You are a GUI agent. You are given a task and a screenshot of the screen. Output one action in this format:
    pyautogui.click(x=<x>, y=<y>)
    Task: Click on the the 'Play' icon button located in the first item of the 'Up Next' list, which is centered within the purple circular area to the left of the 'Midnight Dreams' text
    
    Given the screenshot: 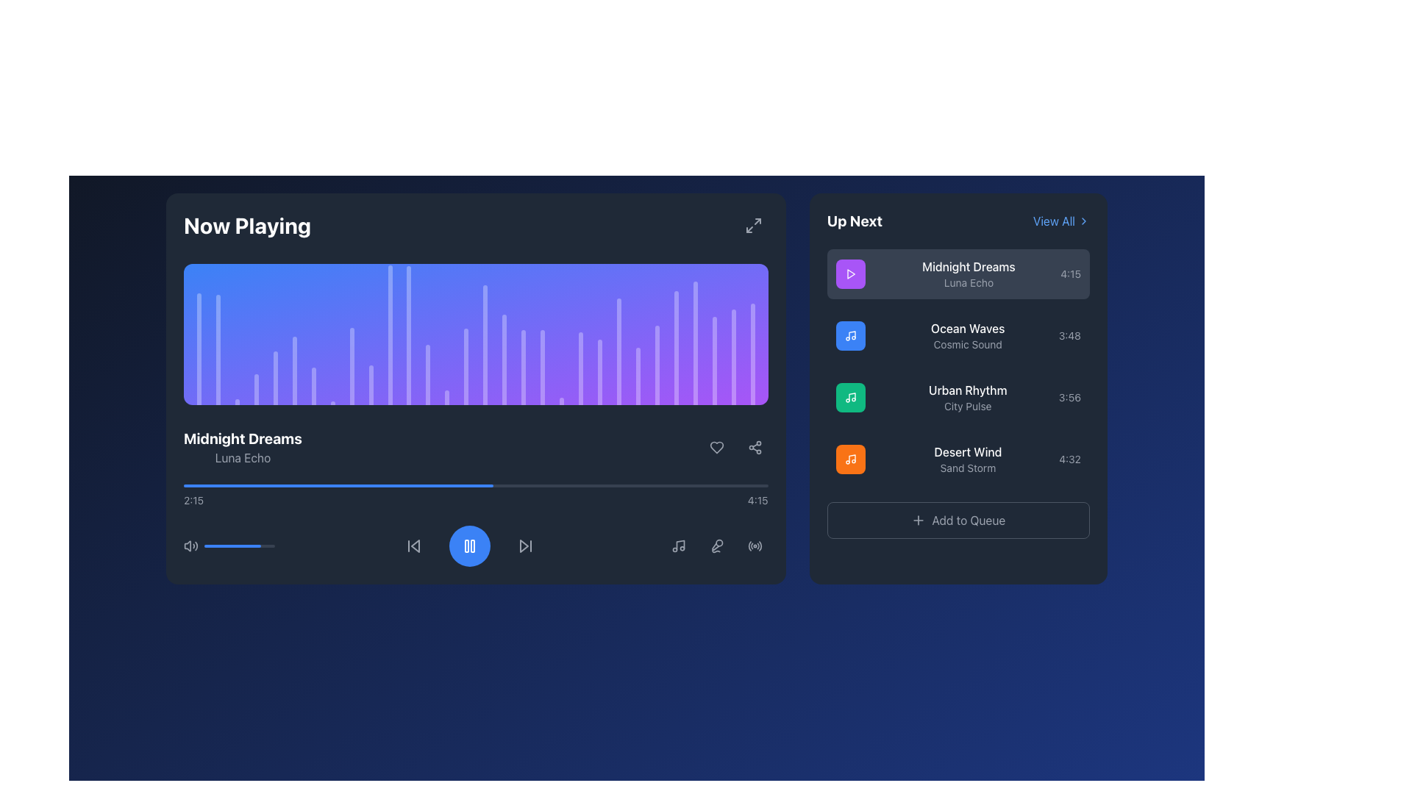 What is the action you would take?
    pyautogui.click(x=850, y=274)
    